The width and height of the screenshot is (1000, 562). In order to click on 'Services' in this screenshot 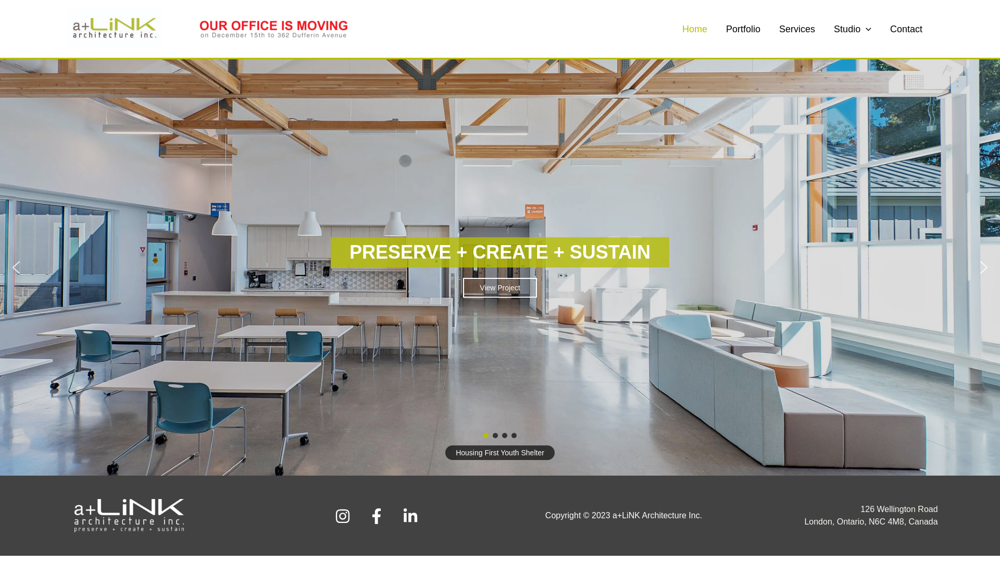, I will do `click(796, 28)`.